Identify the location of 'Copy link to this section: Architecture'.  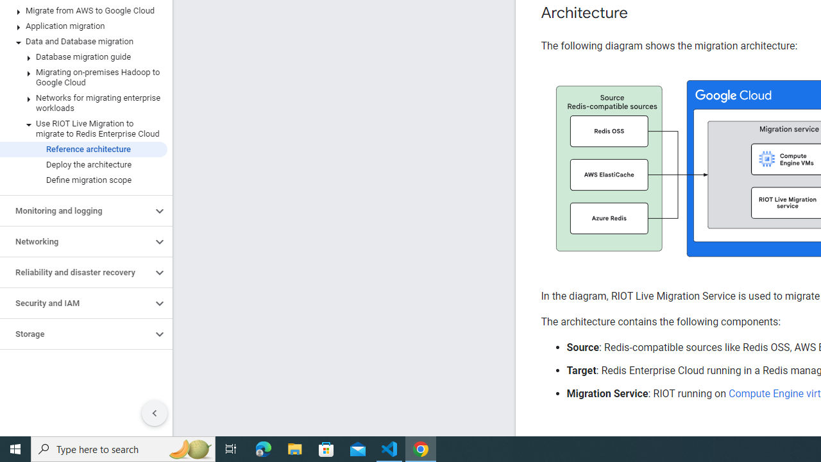
(640, 13).